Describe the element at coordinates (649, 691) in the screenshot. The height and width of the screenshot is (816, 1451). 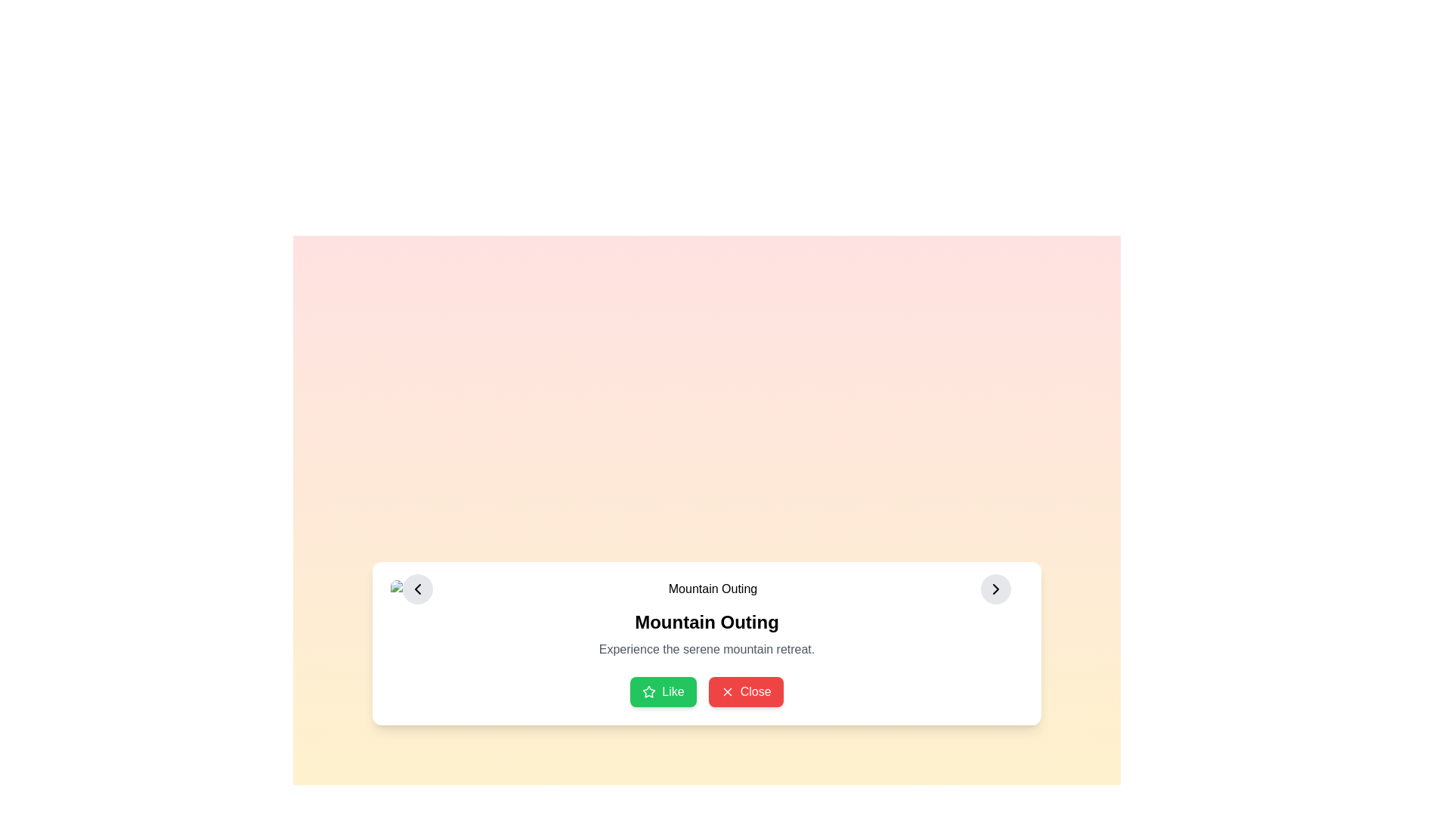
I see `the decorative star icon within the green 'Like' button, which is located to the left of the red 'Close' button in a horizontally aligned button group near the bottom of a centered card component` at that location.